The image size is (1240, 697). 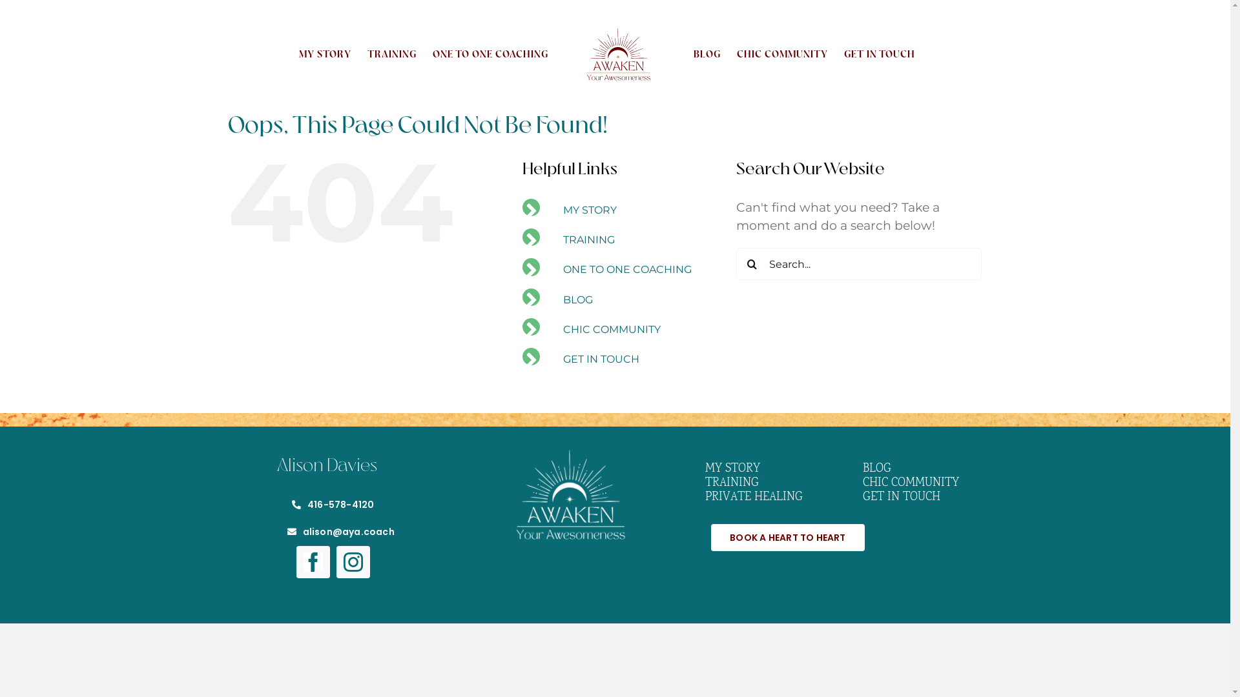 I want to click on 'GET IN TOUCH', so click(x=879, y=52).